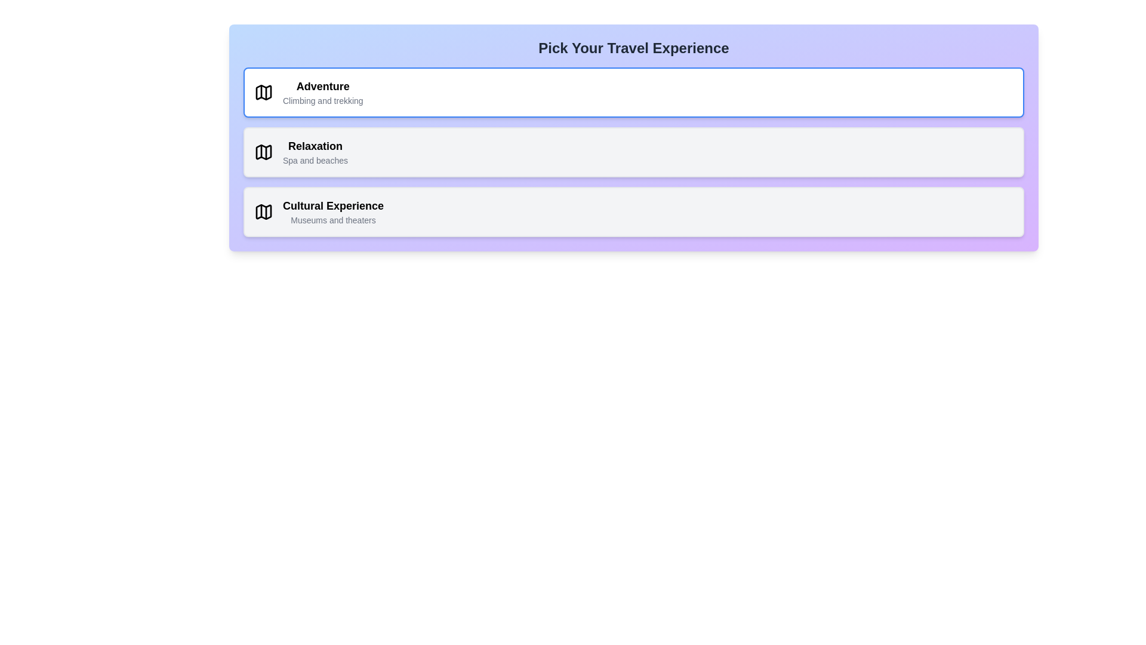  What do you see at coordinates (323, 91) in the screenshot?
I see `the text block containing the title 'Adventure' and subtitle 'Climbing and trekking'` at bounding box center [323, 91].